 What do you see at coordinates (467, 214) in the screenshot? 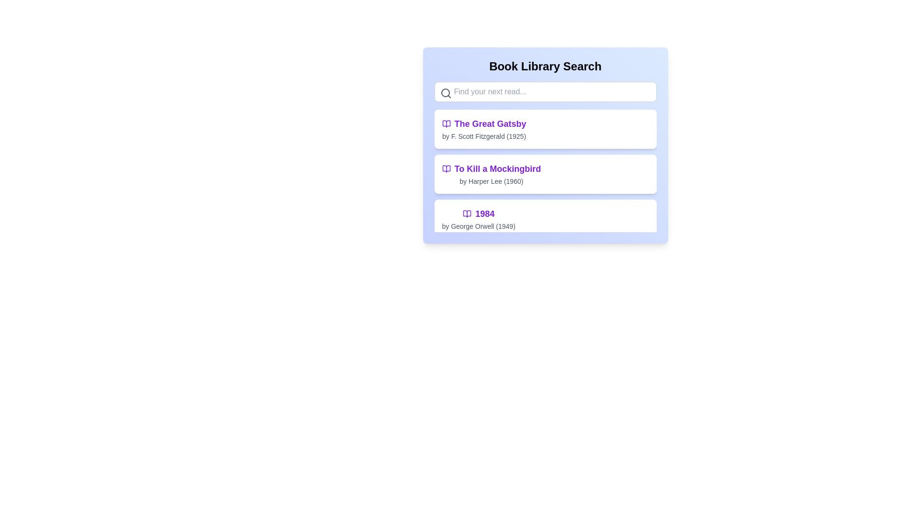
I see `the book icon located to the left of the bold purple text '1984' in the list of book items` at bounding box center [467, 214].